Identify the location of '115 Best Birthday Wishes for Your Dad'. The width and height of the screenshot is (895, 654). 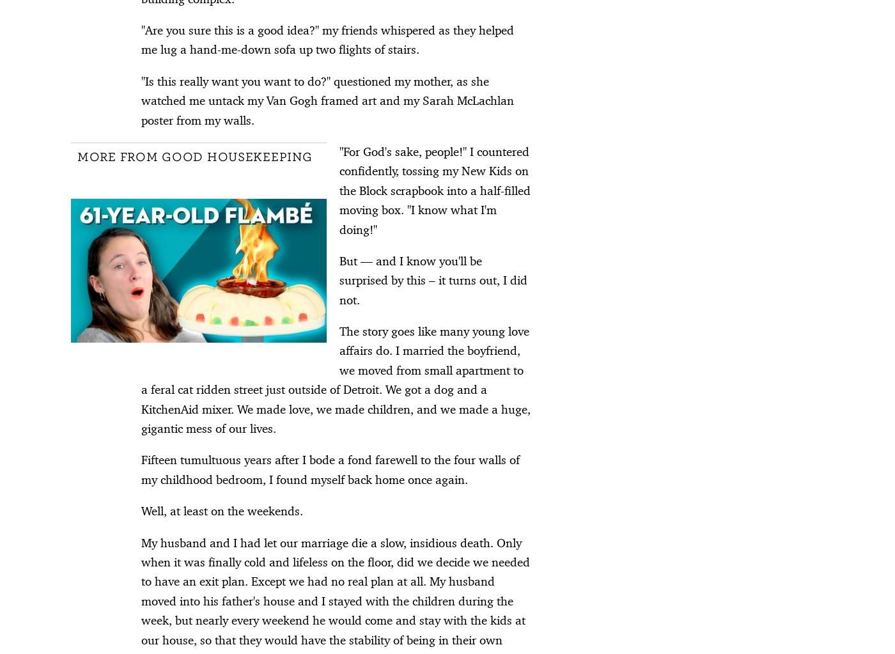
(544, 196).